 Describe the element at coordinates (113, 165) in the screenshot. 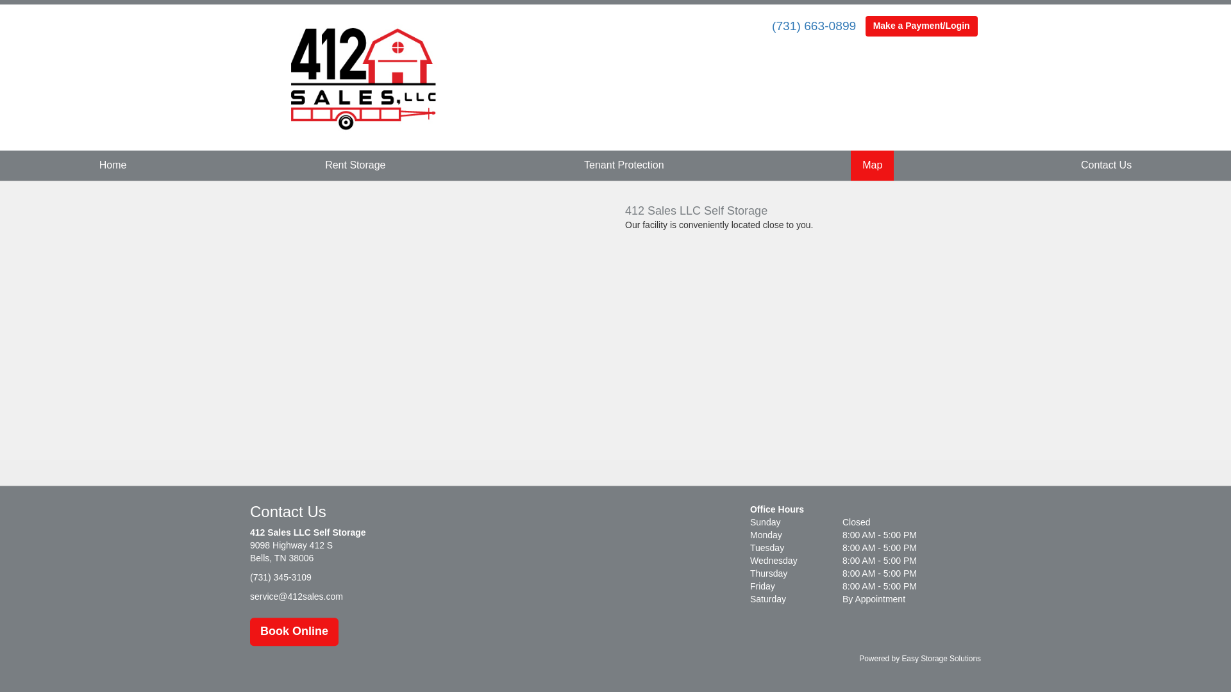

I see `'Home'` at that location.